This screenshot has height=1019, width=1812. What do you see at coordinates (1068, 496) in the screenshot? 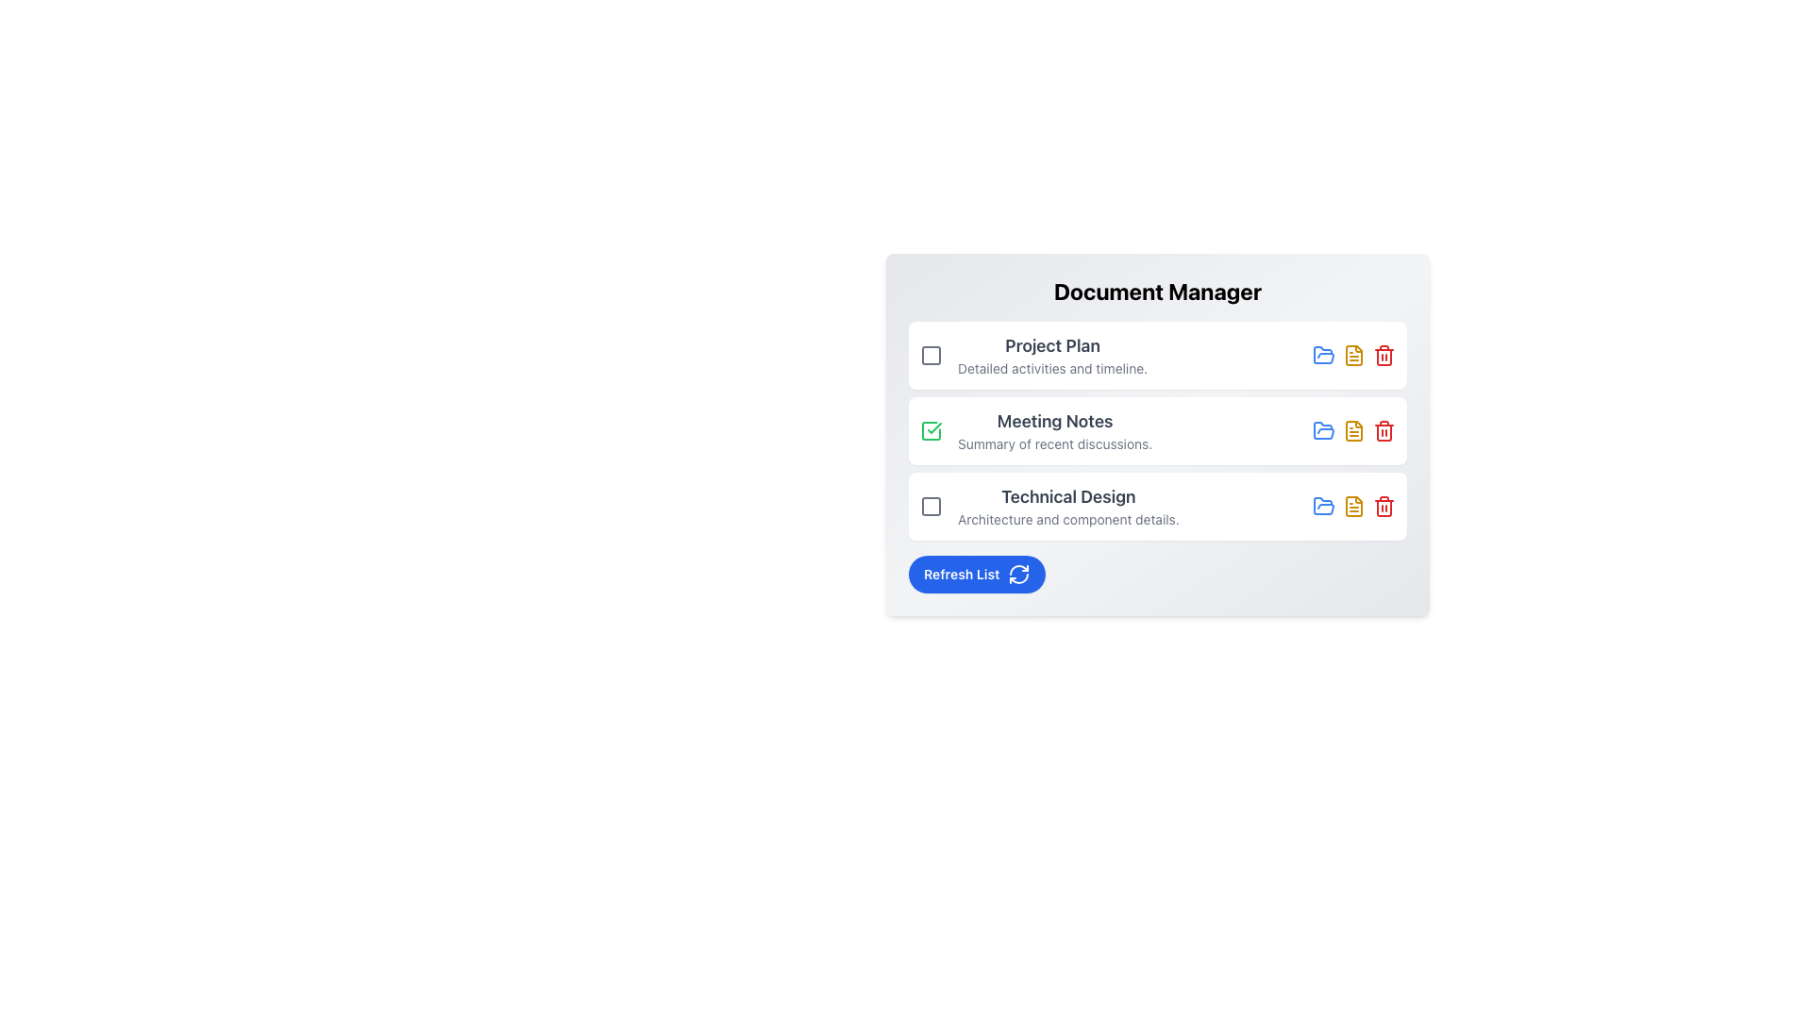
I see `the text label displaying 'Technical Design', which is the title of the third selectable item in the 'Document Manager' section, located between 'Meeting Notes' and 'Refresh List'` at bounding box center [1068, 496].